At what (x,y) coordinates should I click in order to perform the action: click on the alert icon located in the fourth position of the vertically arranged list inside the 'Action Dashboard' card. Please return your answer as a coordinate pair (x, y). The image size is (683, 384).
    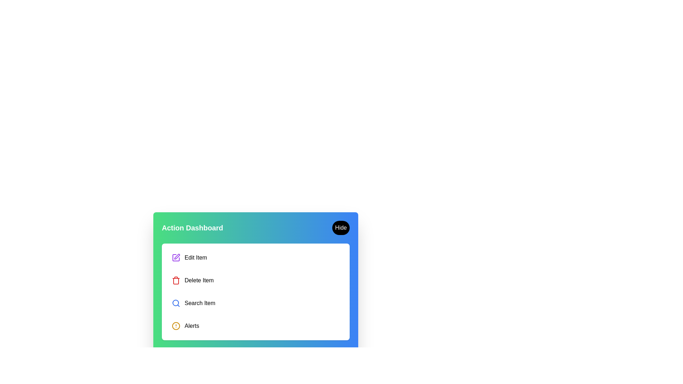
    Looking at the image, I should click on (176, 326).